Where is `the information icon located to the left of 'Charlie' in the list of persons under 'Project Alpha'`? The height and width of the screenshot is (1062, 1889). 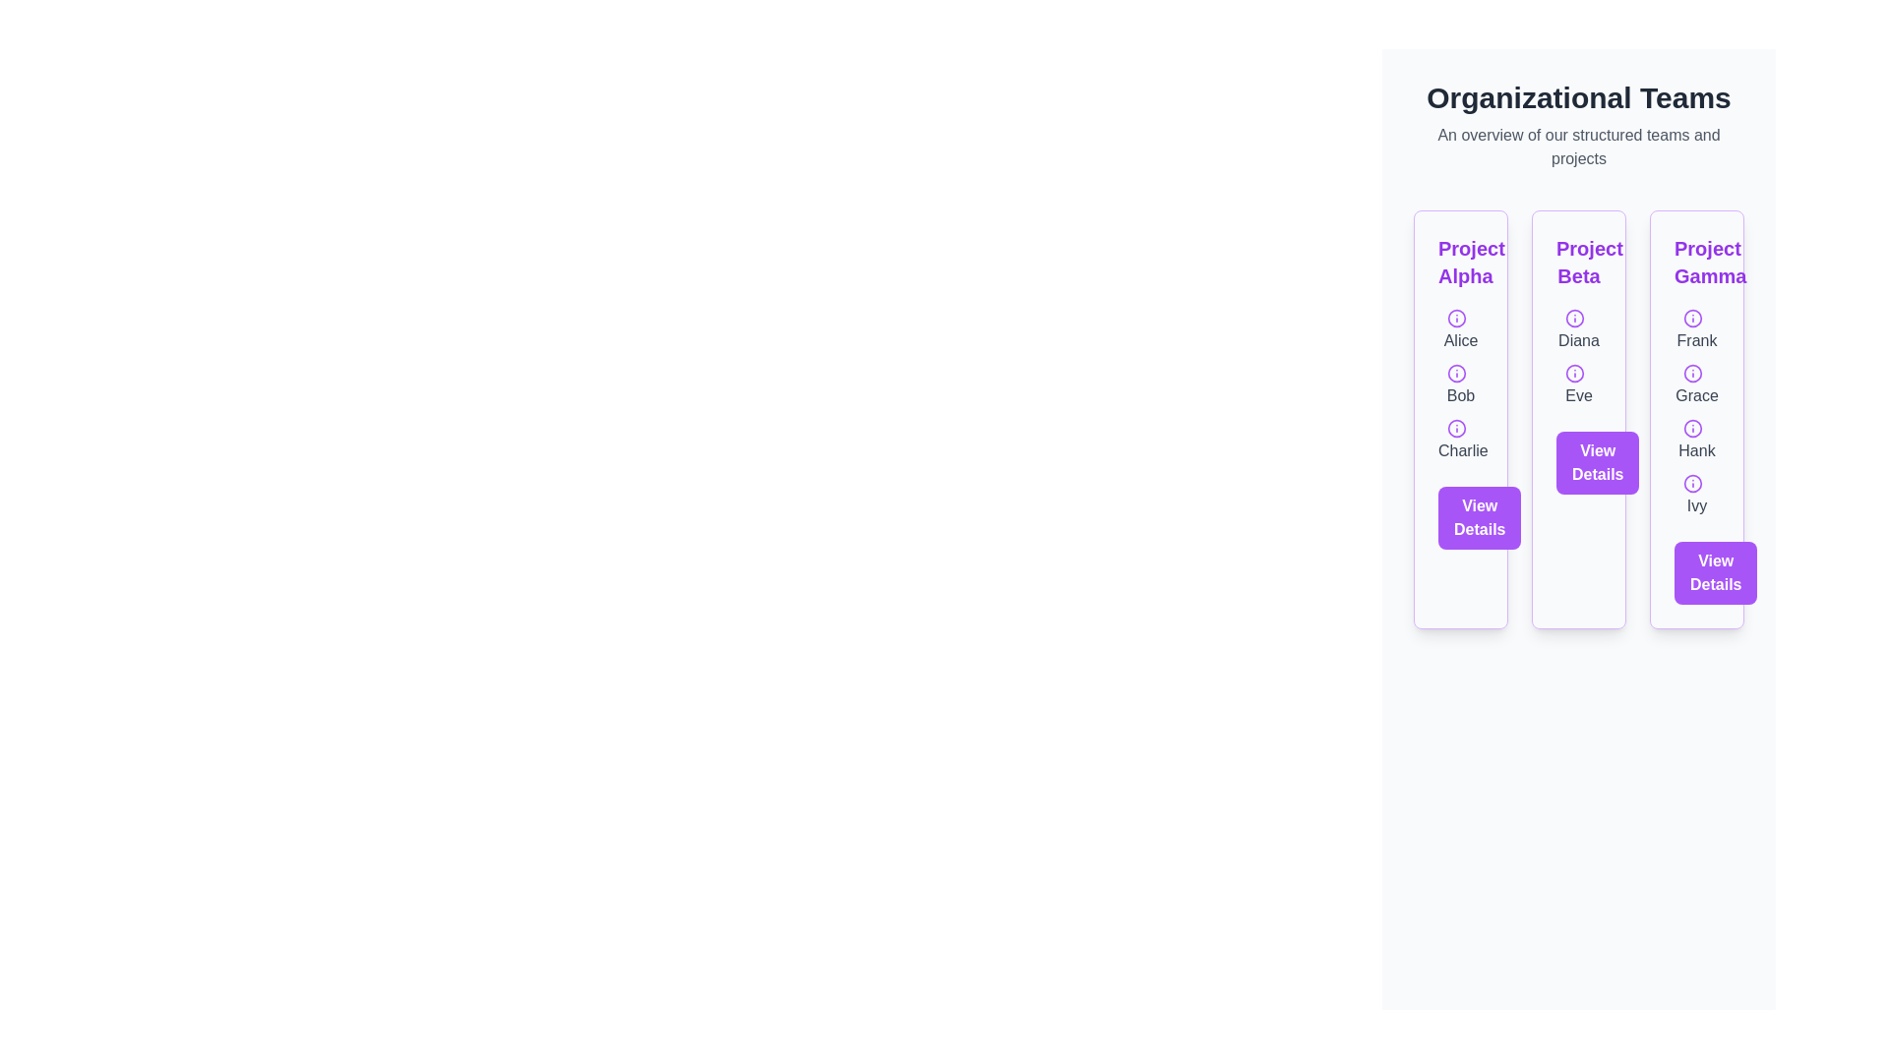
the information icon located to the left of 'Charlie' in the list of persons under 'Project Alpha' is located at coordinates (1457, 427).